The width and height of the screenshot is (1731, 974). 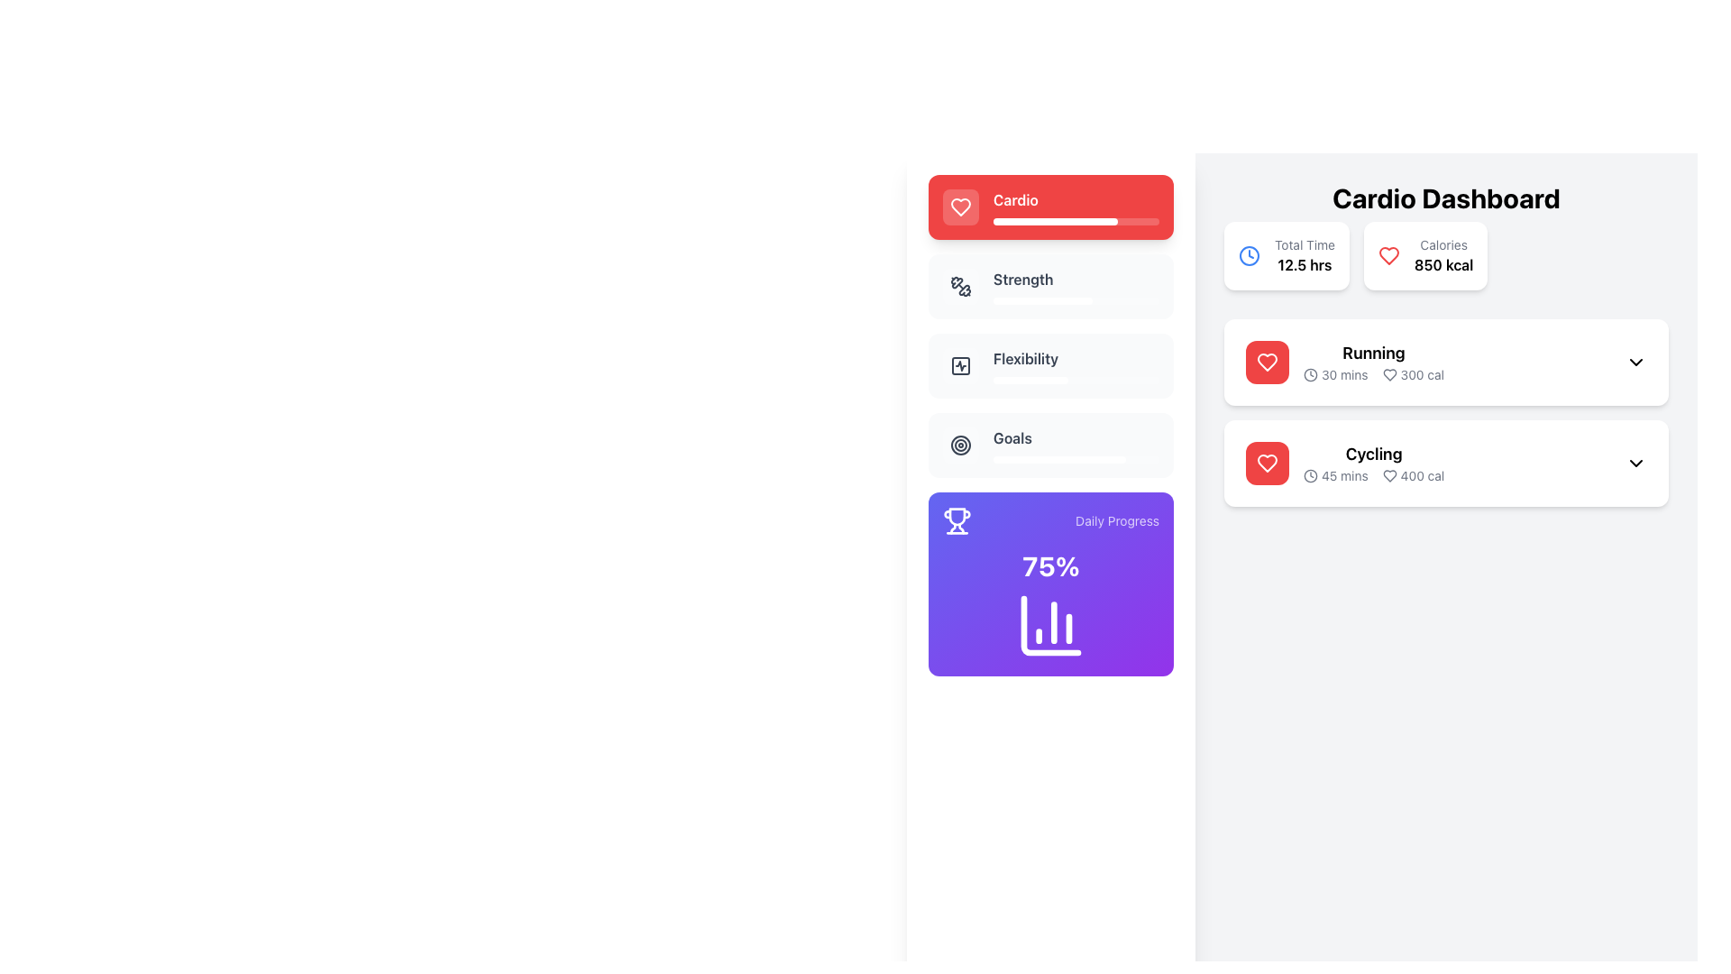 What do you see at coordinates (1373, 362) in the screenshot?
I see `the 'Running' Text Display element in the Cardio Dashboard section, which shows time and calorie details` at bounding box center [1373, 362].